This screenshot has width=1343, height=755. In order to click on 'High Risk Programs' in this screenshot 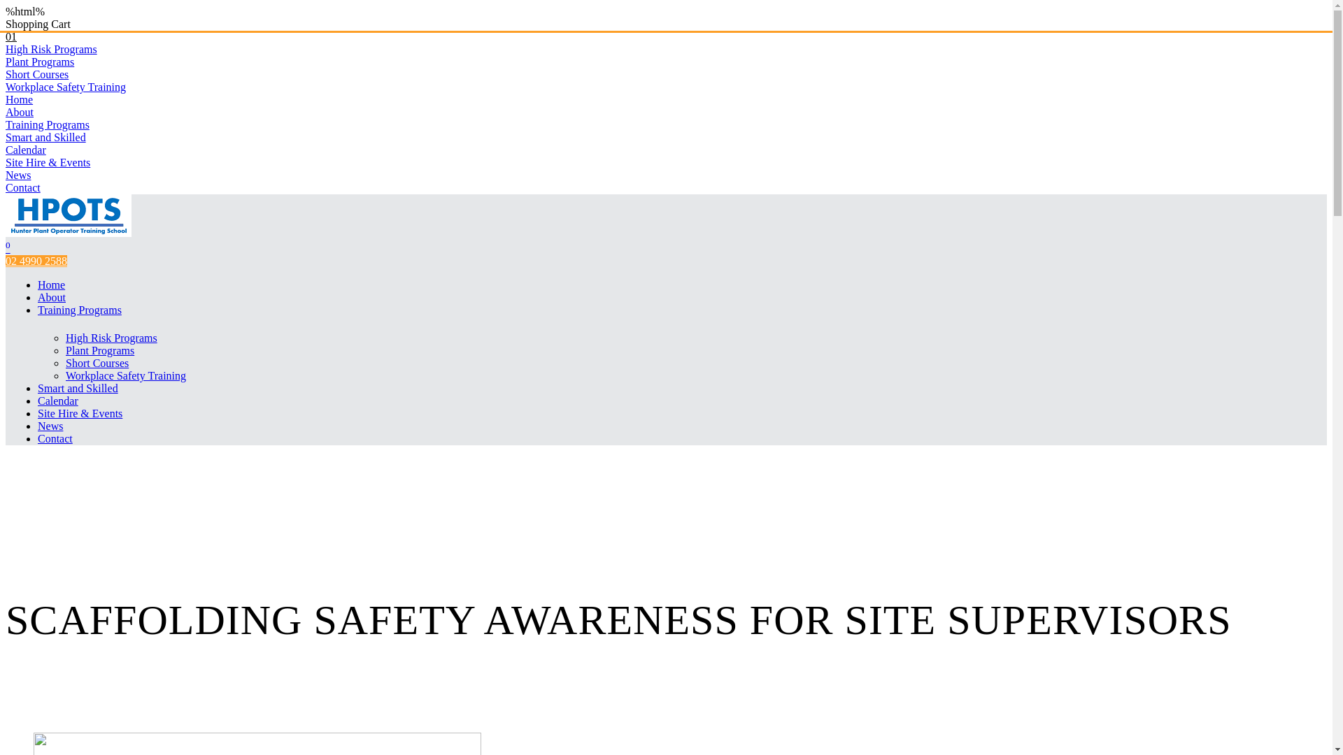, I will do `click(111, 338)`.